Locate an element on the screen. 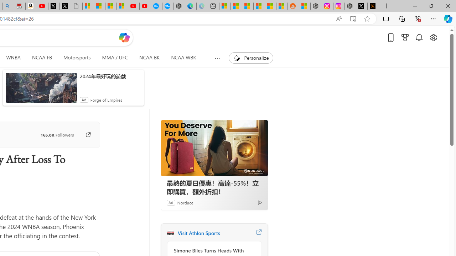 This screenshot has width=456, height=256. 'Ad Choice' is located at coordinates (259, 202).